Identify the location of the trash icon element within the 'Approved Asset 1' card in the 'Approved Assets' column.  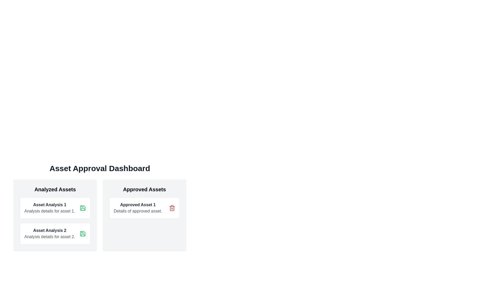
(172, 208).